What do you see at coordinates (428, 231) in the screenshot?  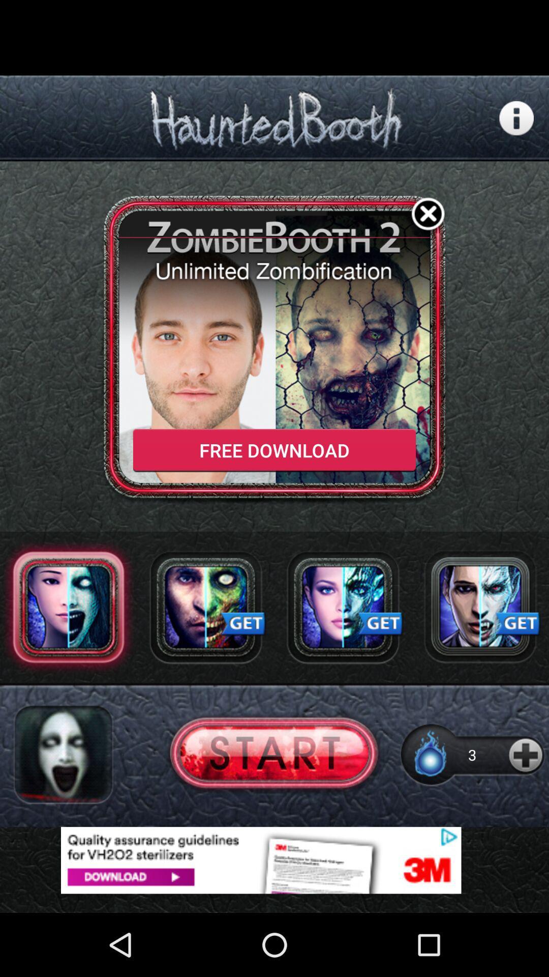 I see `the close icon` at bounding box center [428, 231].